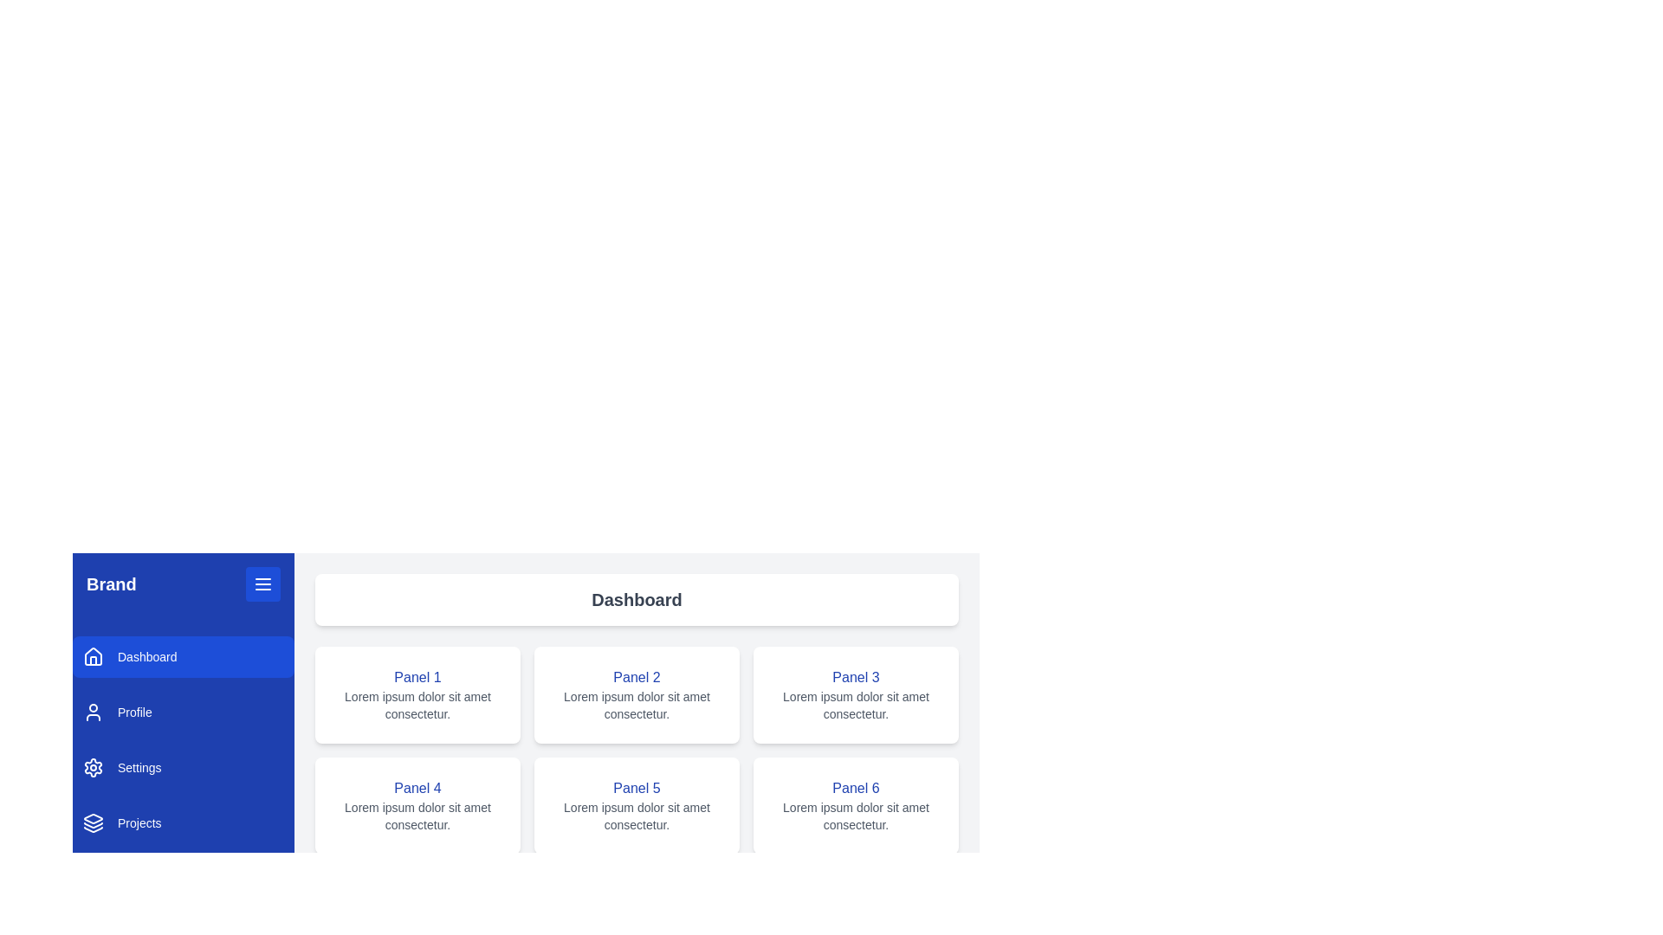 The height and width of the screenshot is (935, 1663). What do you see at coordinates (636, 788) in the screenshot?
I see `text label 'Panel 5' which is displayed in medium-sized, bold blue text on a white background and is located within the bottom middle card of the Dashboard interface` at bounding box center [636, 788].